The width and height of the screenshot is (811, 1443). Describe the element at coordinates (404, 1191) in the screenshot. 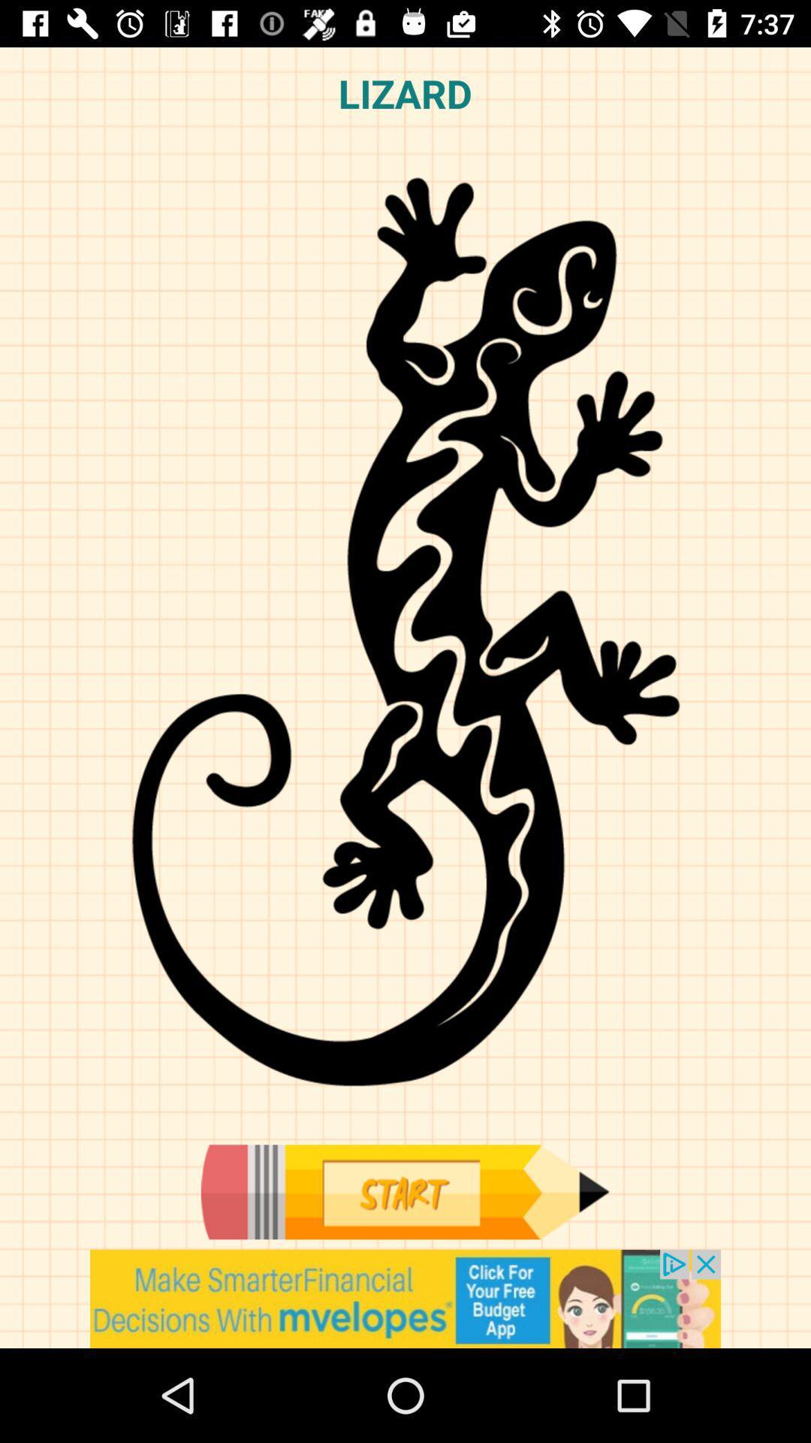

I see `start the draw` at that location.